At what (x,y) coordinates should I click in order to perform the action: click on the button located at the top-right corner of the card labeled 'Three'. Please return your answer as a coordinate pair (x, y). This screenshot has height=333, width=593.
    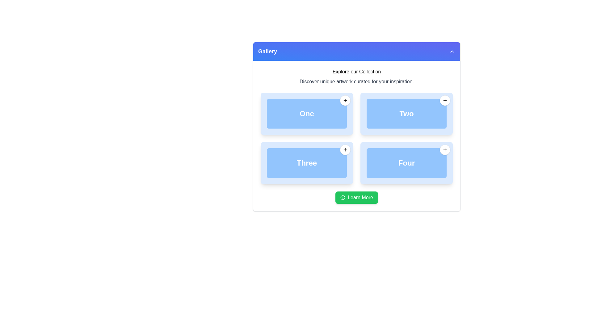
    Looking at the image, I should click on (345, 150).